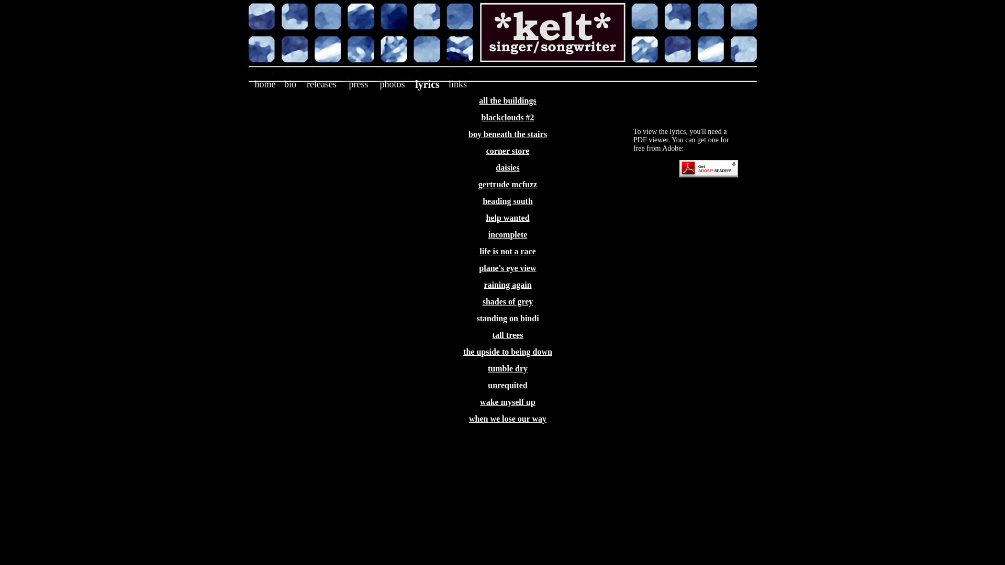  What do you see at coordinates (457, 84) in the screenshot?
I see `'links'` at bounding box center [457, 84].